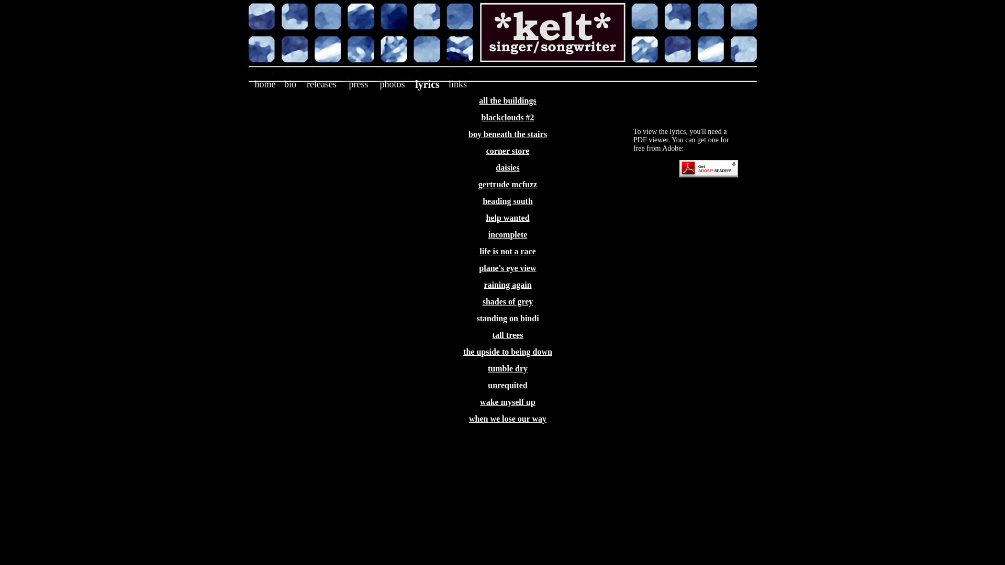  What do you see at coordinates (457, 84) in the screenshot?
I see `'links'` at bounding box center [457, 84].